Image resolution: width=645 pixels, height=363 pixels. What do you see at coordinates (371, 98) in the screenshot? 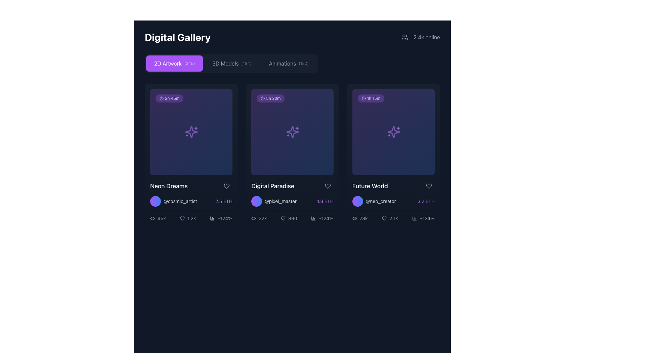
I see `time information displayed on the badge located in the upper-left corner of the 'Future World' card, which is the rightmost card among three featured cards` at bounding box center [371, 98].